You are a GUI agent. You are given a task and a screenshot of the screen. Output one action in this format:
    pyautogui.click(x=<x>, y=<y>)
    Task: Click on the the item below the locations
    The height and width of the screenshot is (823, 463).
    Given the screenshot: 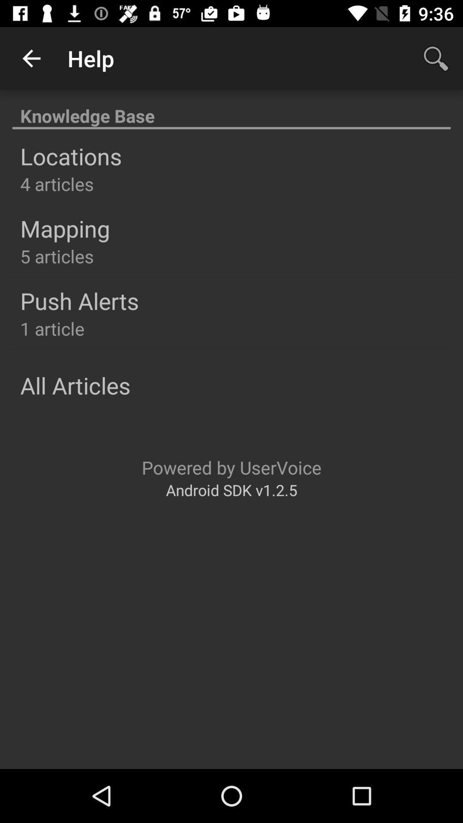 What is the action you would take?
    pyautogui.click(x=57, y=183)
    